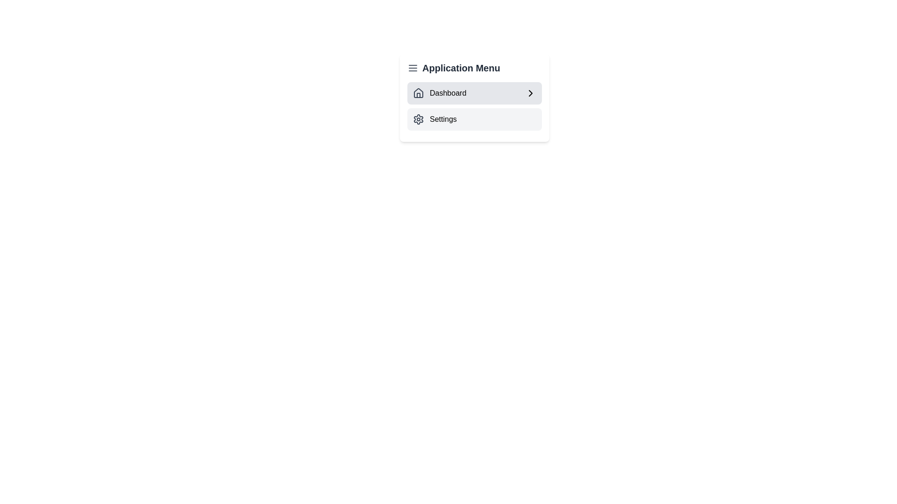  Describe the element at coordinates (439, 93) in the screenshot. I see `the first navigation link` at that location.